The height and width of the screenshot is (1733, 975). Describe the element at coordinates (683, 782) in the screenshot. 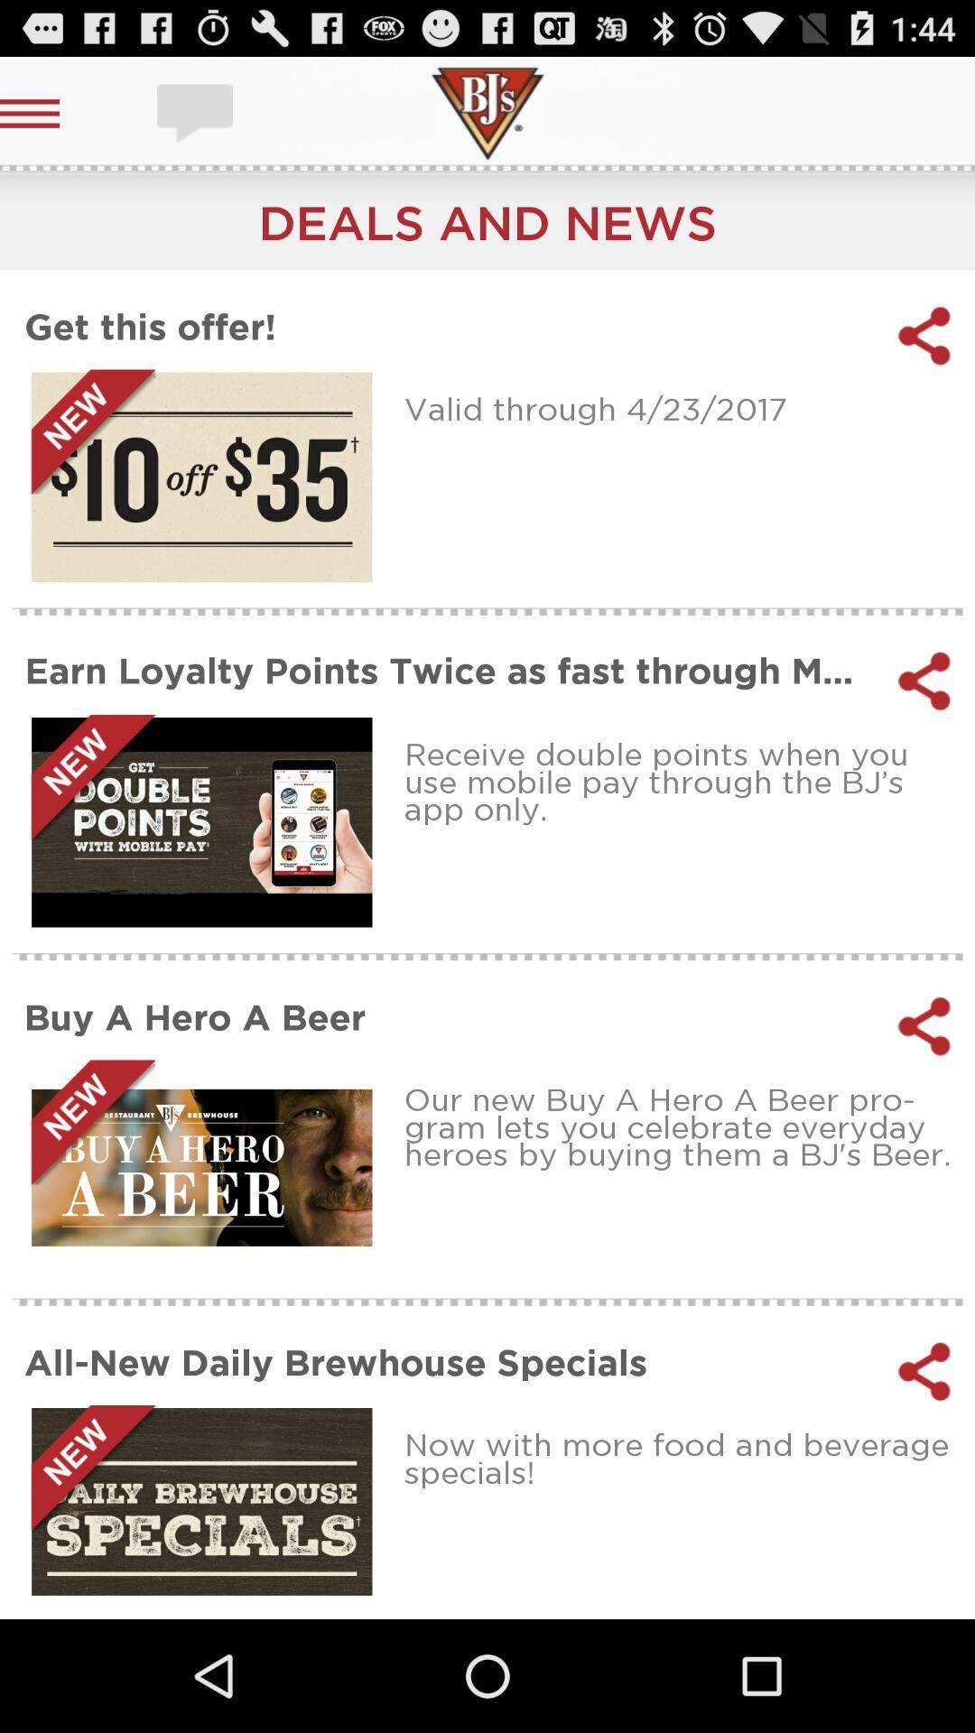

I see `receive double points icon` at that location.